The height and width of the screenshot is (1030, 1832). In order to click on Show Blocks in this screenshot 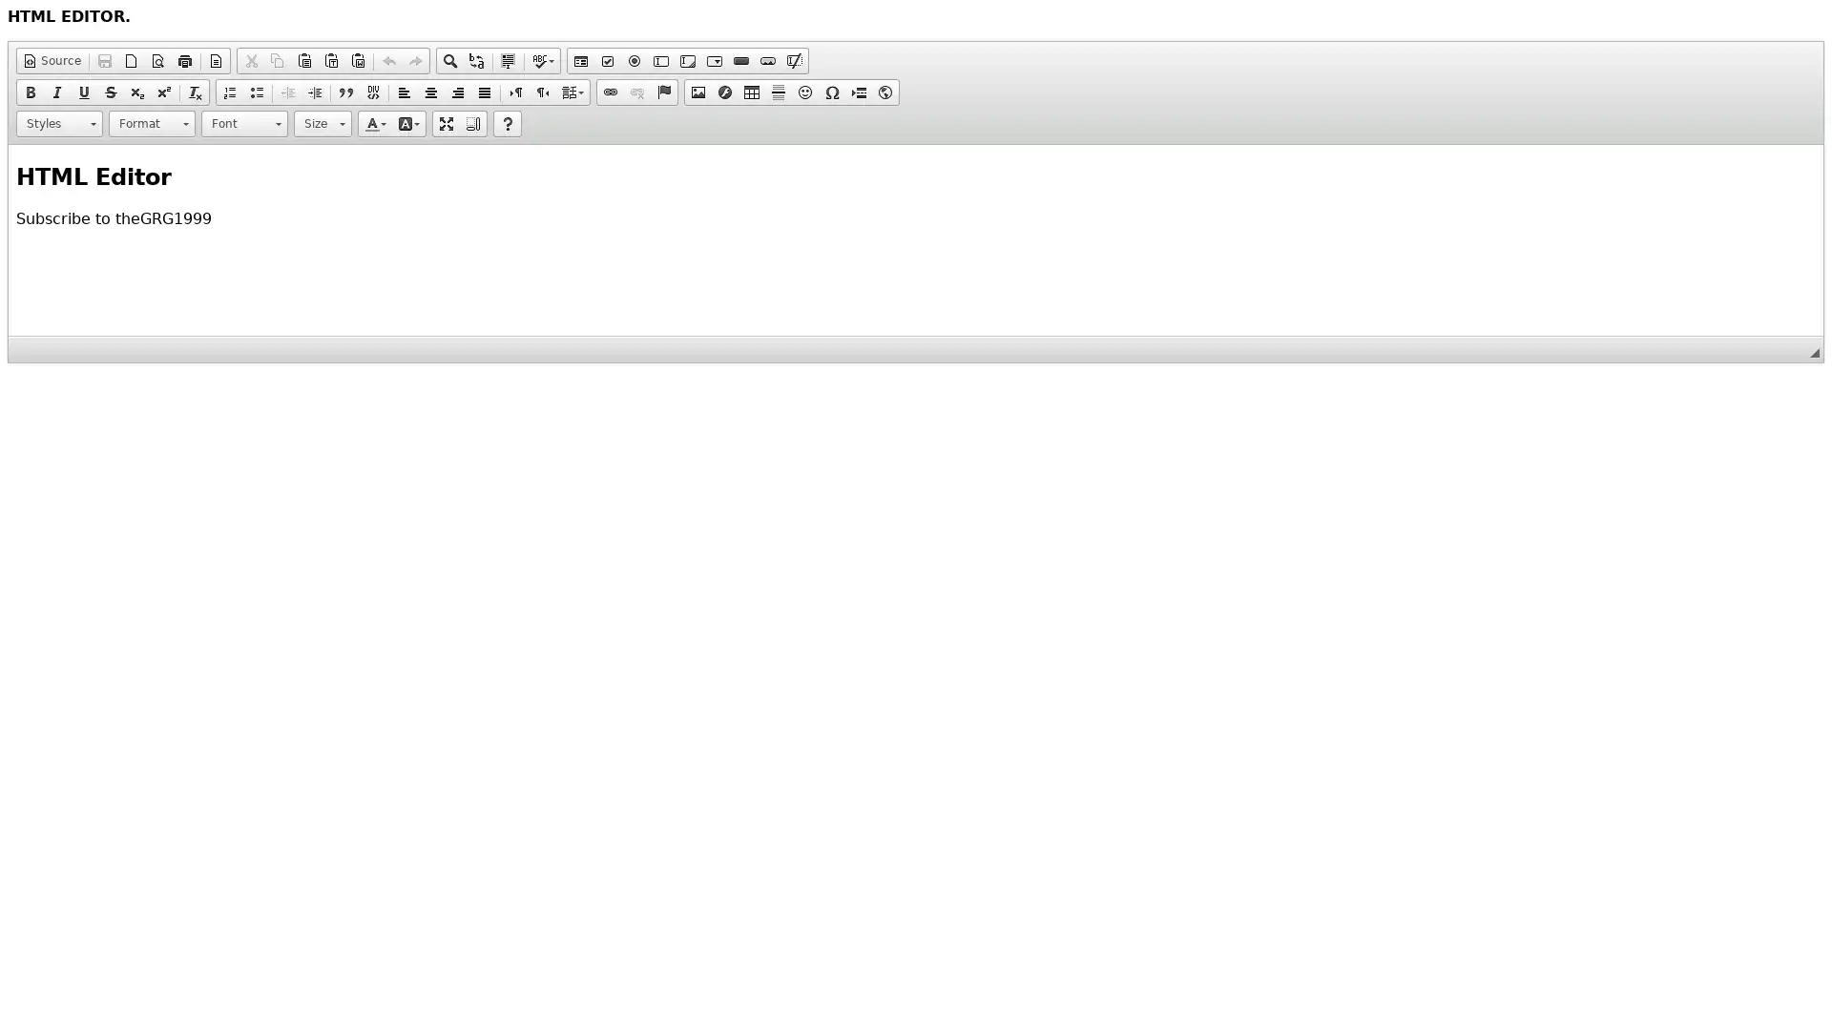, I will do `click(472, 124)`.